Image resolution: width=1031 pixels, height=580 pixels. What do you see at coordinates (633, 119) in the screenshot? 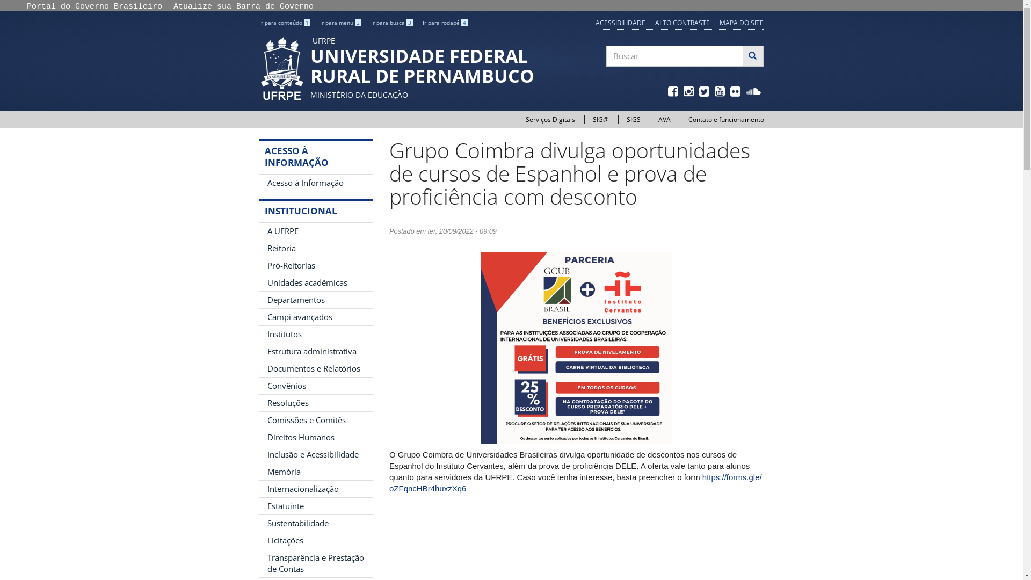
I see `'SIGS'` at bounding box center [633, 119].